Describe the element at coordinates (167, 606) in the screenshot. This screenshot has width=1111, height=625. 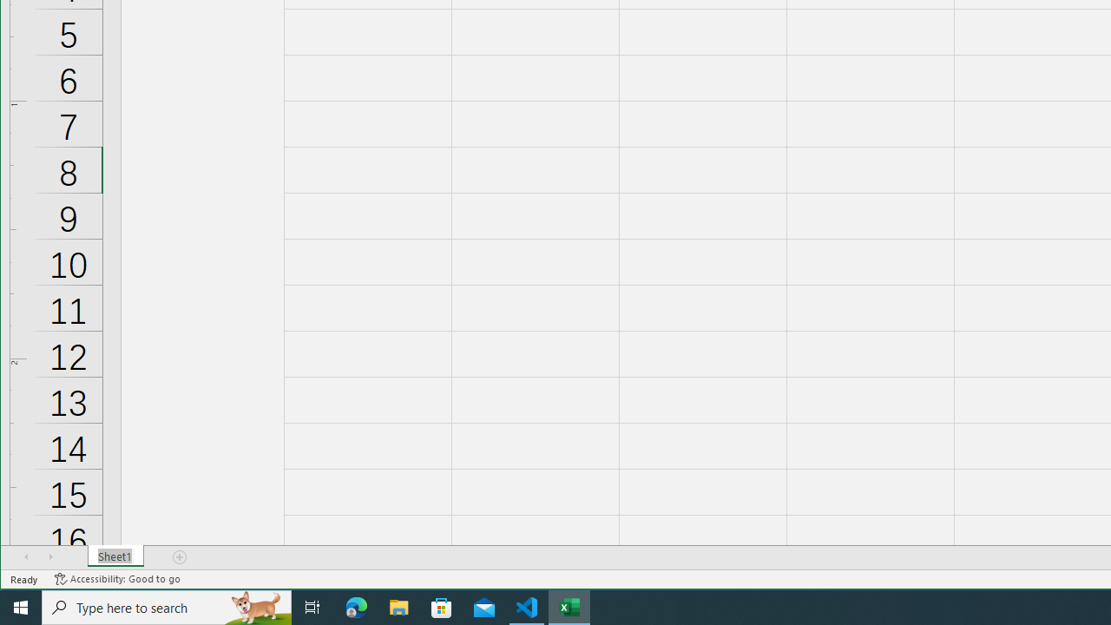
I see `'Type here to search'` at that location.